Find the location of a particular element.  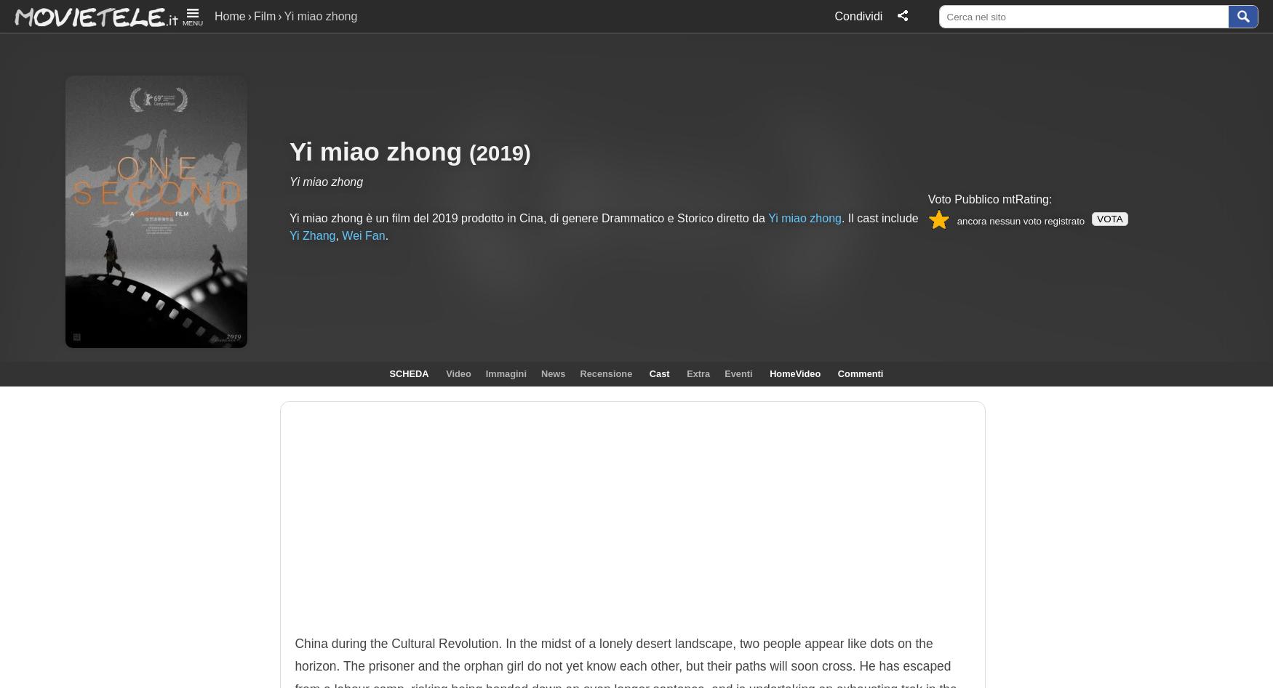

'SCHEDA' is located at coordinates (407, 373).